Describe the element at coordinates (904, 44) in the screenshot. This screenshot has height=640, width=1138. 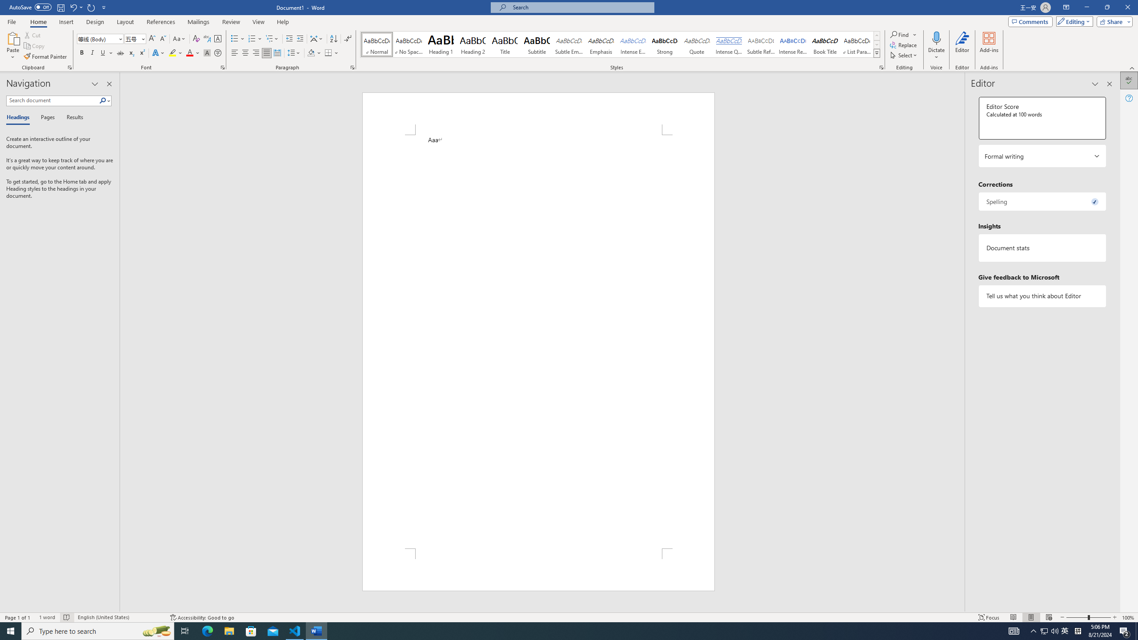
I see `'Replace...'` at that location.